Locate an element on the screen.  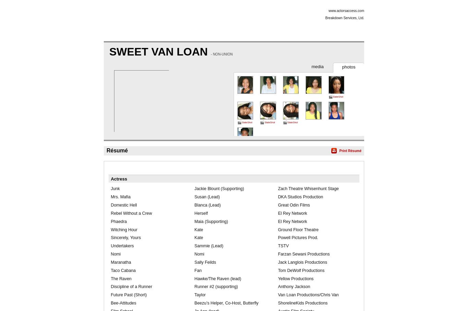
'DKA Studios Production' is located at coordinates (300, 197).